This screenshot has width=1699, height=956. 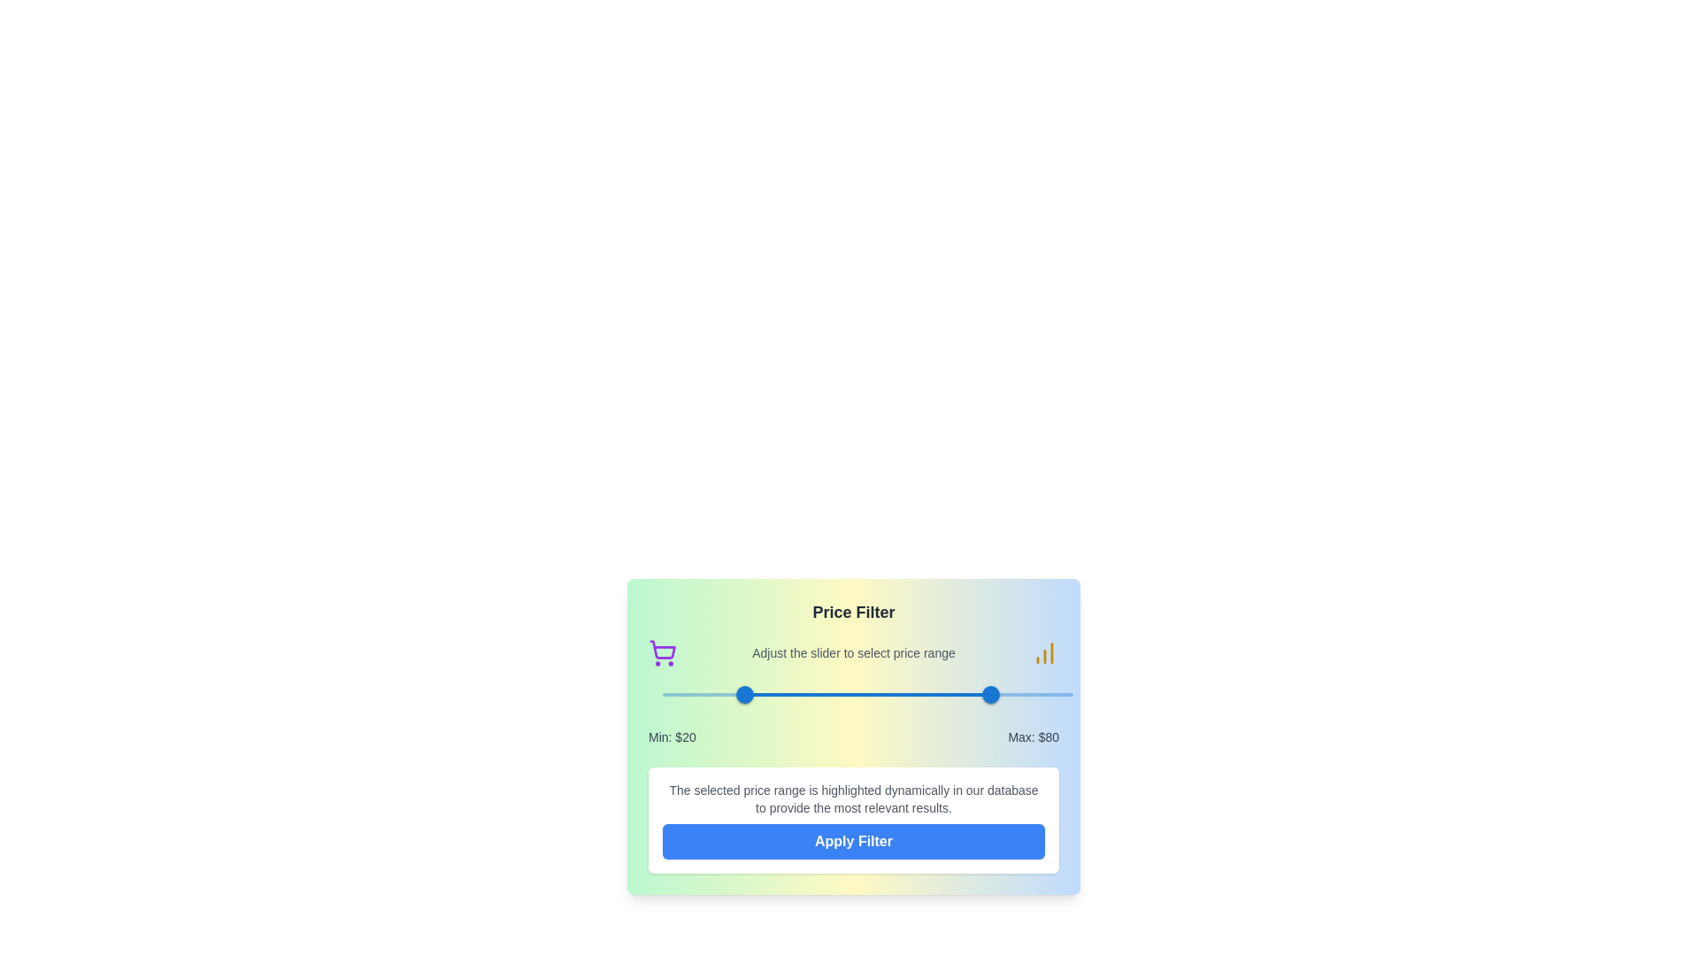 I want to click on the blue circular slider thumb with the label '20', so click(x=744, y=694).